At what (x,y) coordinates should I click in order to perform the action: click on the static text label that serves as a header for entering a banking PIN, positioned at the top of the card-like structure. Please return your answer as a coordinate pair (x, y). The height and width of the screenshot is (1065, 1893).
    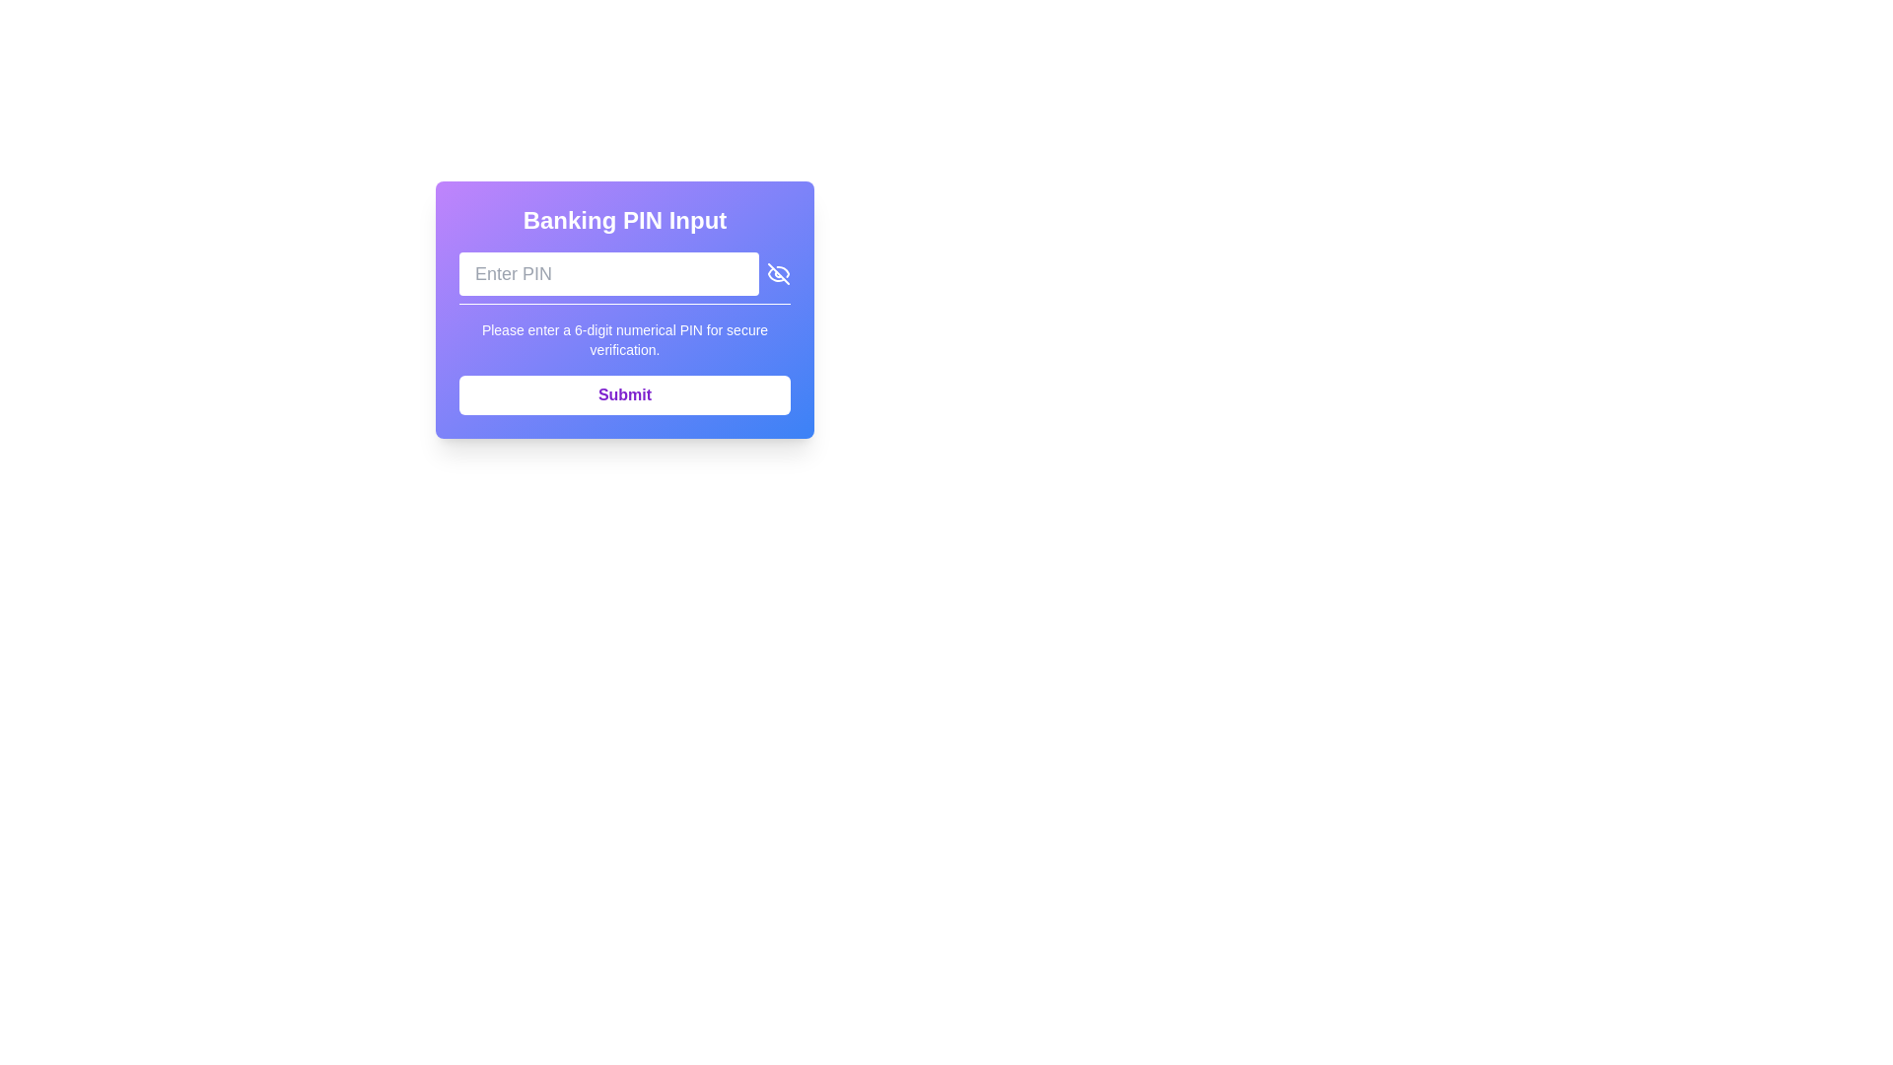
    Looking at the image, I should click on (623, 220).